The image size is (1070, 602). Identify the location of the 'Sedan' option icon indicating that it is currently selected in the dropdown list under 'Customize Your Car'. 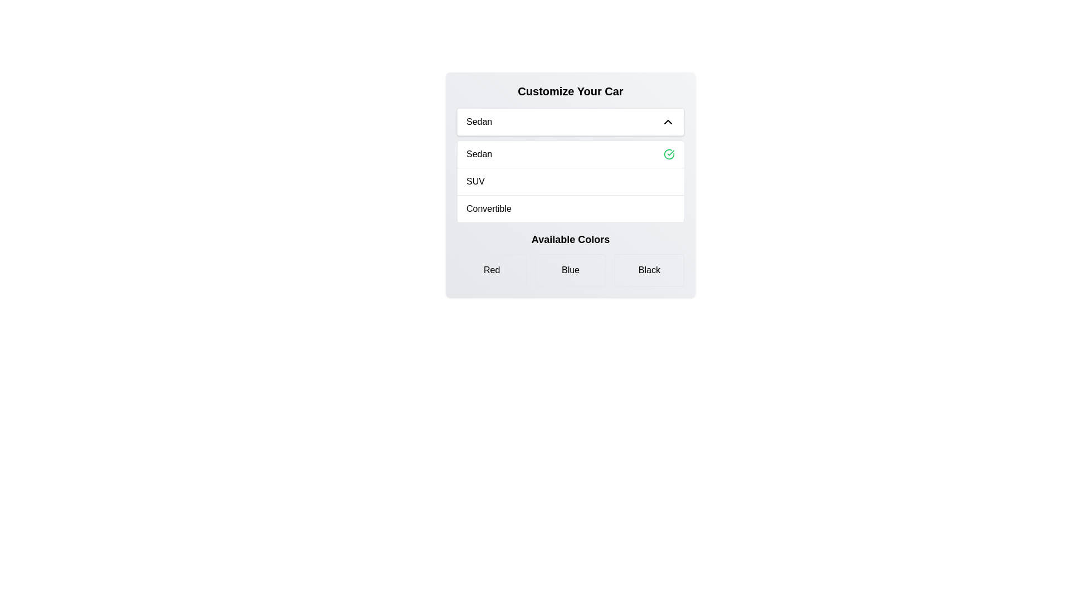
(669, 154).